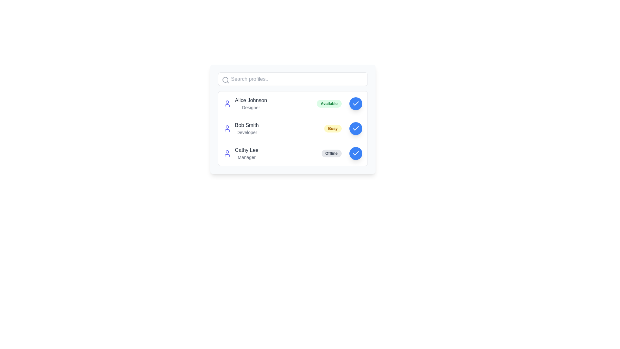 The height and width of the screenshot is (349, 620). I want to click on the visual cues of the small oval-shaped label with a yellow background and bold orange text that displays 'Busy', located within the user card labeled 'Bob Smith - Developer', so click(333, 128).